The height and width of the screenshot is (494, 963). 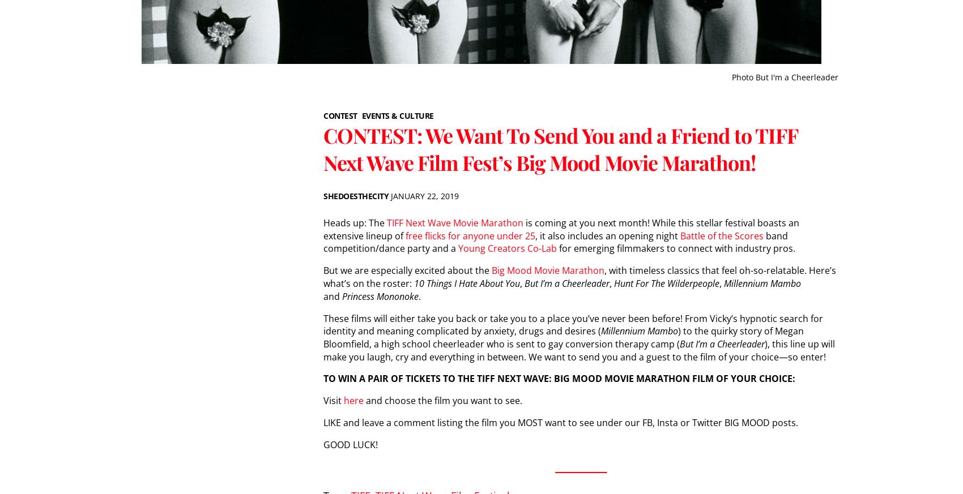 What do you see at coordinates (323, 149) in the screenshot?
I see `'CONTEST: We Want To Send You and a Friend to TIFF Next Wave Film Fest’s Big Mood Movie Marathon!'` at bounding box center [323, 149].